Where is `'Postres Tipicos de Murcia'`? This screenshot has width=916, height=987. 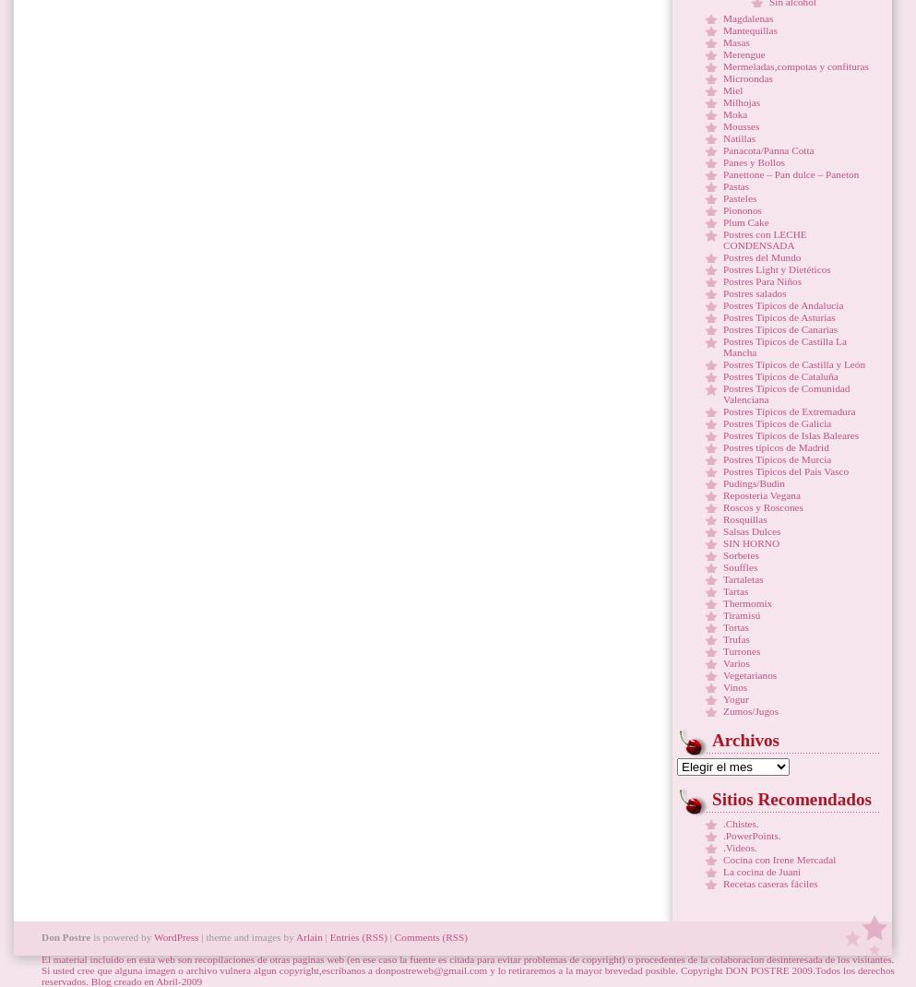 'Postres Tipicos de Murcia' is located at coordinates (776, 458).